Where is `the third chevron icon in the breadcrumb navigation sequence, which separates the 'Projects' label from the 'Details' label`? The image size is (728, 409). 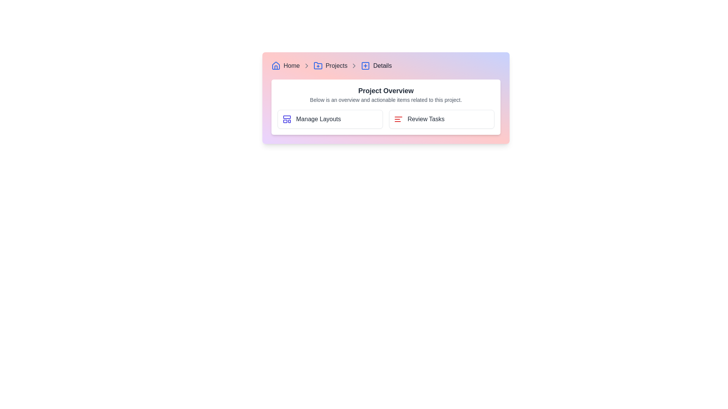
the third chevron icon in the breadcrumb navigation sequence, which separates the 'Projects' label from the 'Details' label is located at coordinates (354, 65).